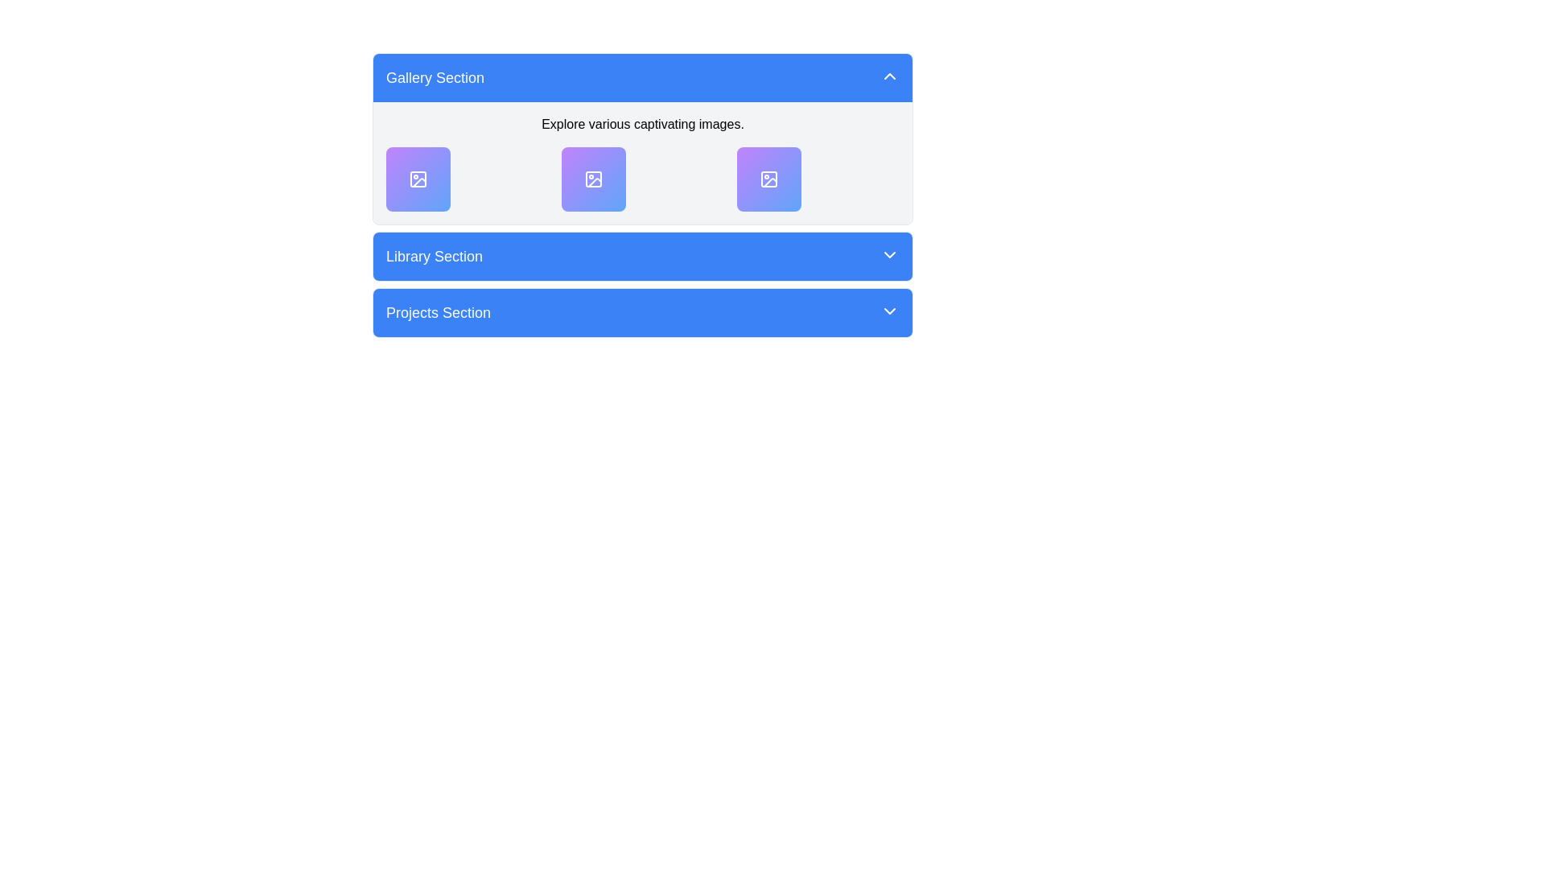 Image resolution: width=1545 pixels, height=869 pixels. I want to click on the static text label 'Explore various captivating images.' located in the 'Gallery Section' above the grid of icons, so click(641, 123).